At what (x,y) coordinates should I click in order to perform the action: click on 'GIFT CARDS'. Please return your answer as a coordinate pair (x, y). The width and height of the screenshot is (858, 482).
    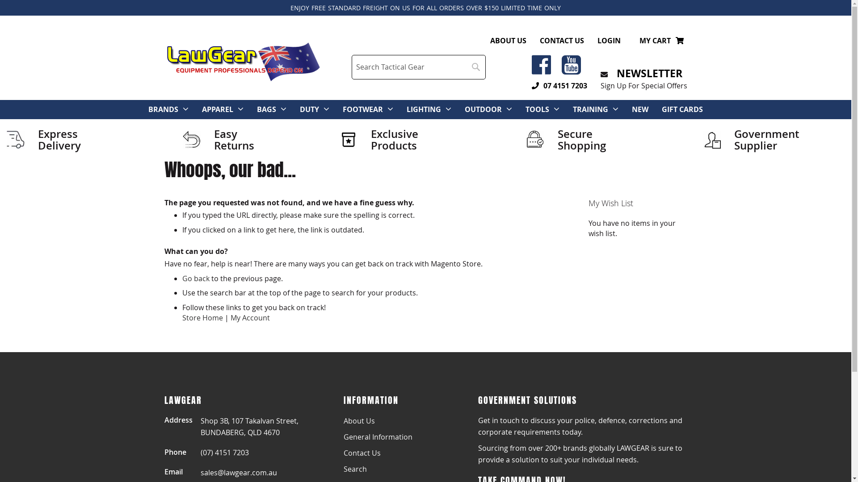
    Looking at the image, I should click on (681, 109).